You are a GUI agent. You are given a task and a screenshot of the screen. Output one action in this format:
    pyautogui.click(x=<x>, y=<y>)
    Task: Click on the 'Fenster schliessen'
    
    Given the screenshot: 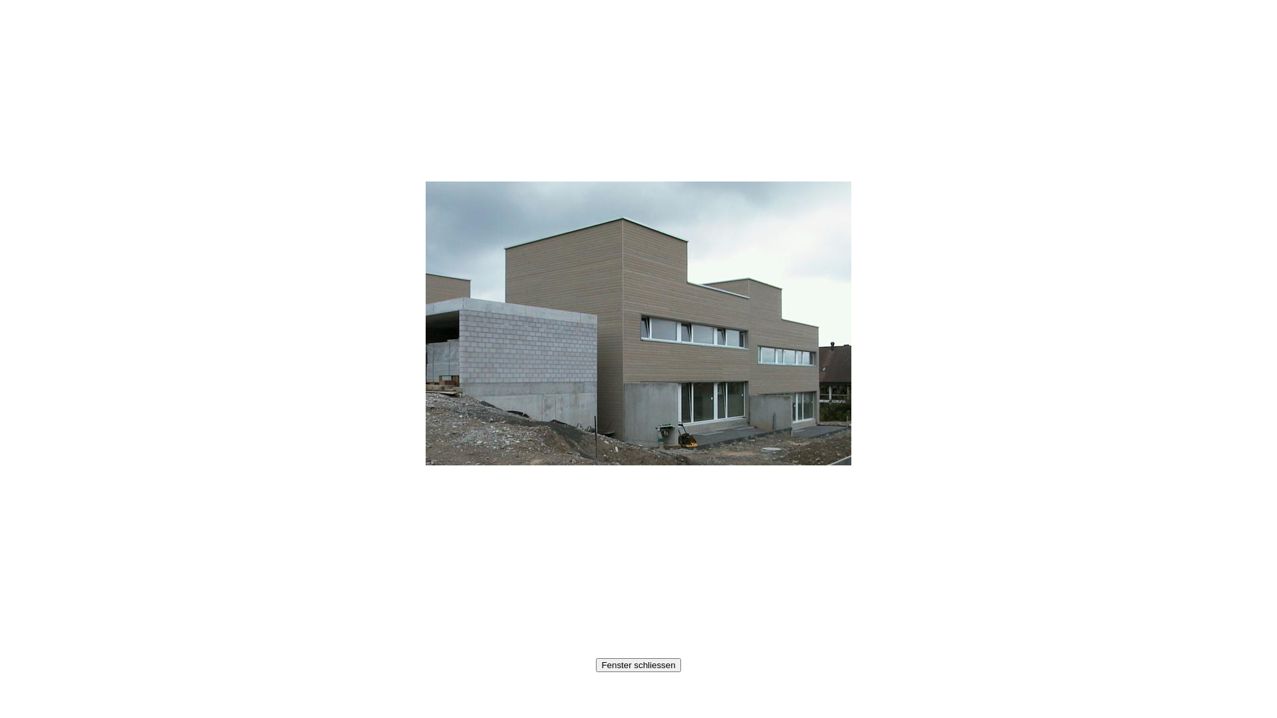 What is the action you would take?
    pyautogui.click(x=637, y=665)
    